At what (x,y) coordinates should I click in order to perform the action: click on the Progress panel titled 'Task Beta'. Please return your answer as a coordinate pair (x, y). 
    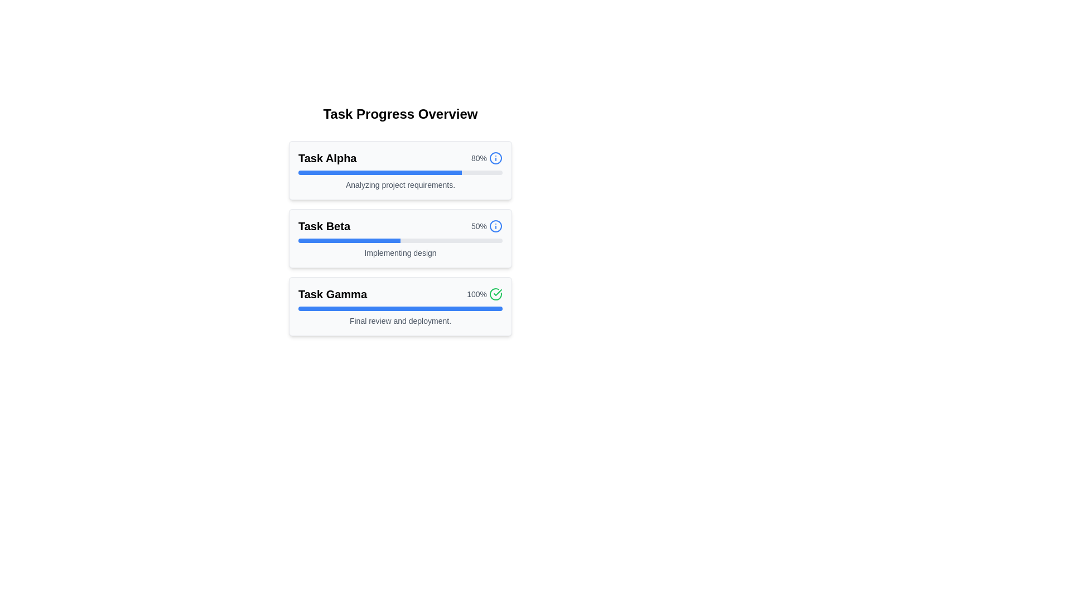
    Looking at the image, I should click on (401, 238).